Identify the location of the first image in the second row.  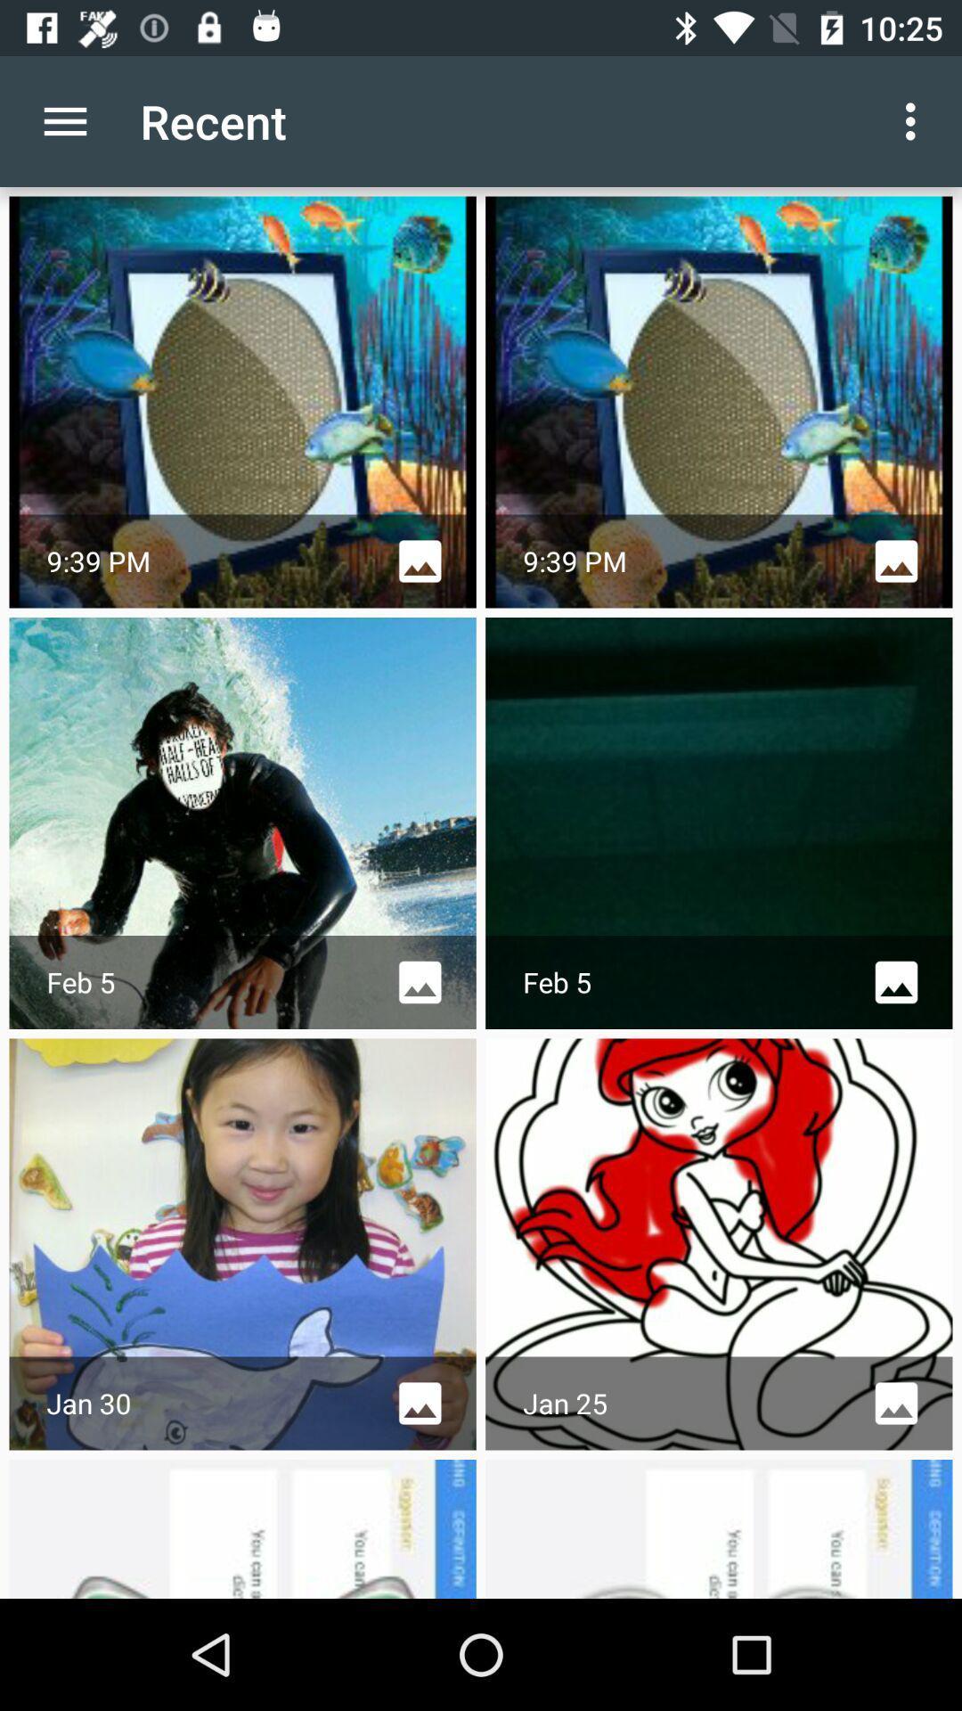
(243, 823).